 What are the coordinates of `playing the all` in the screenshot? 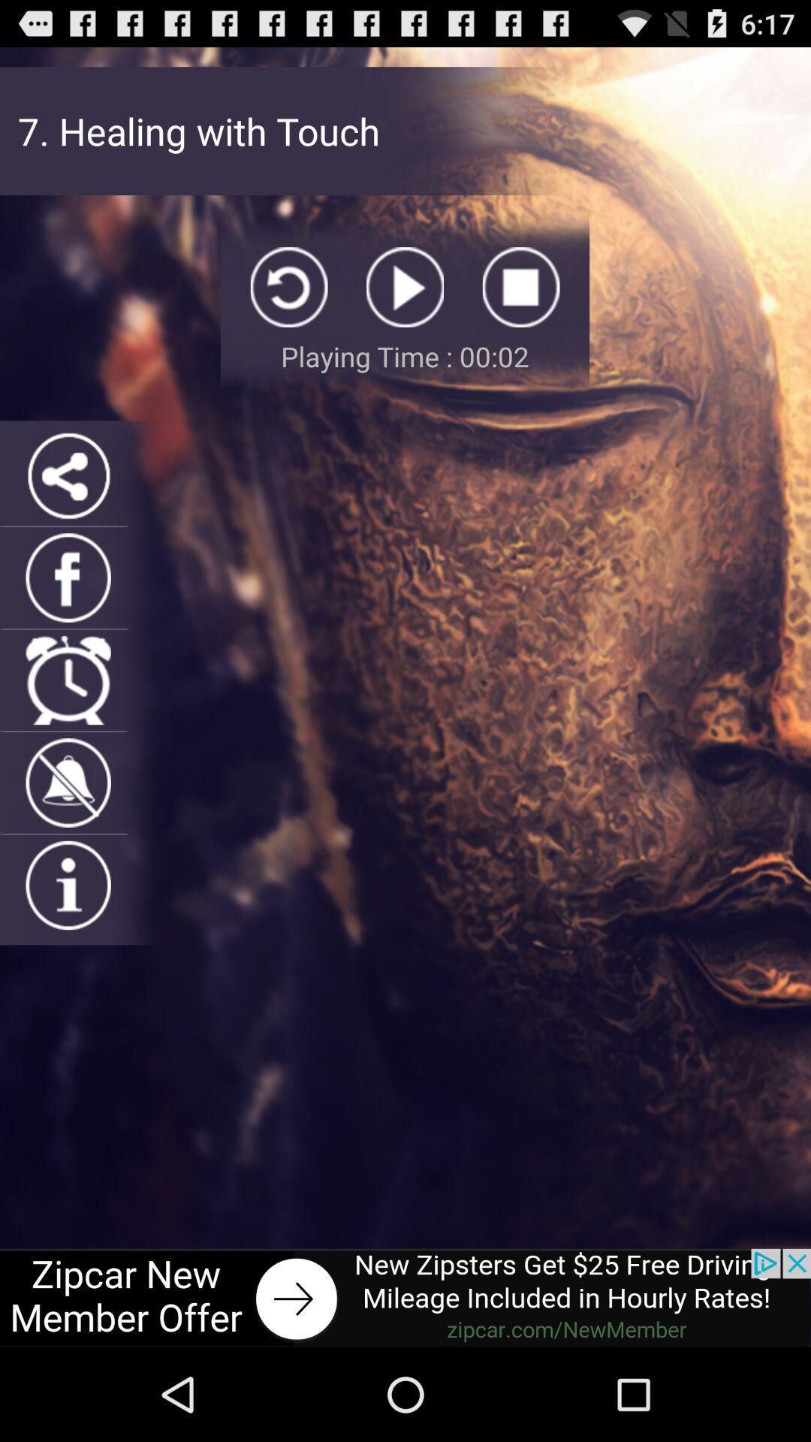 It's located at (404, 287).